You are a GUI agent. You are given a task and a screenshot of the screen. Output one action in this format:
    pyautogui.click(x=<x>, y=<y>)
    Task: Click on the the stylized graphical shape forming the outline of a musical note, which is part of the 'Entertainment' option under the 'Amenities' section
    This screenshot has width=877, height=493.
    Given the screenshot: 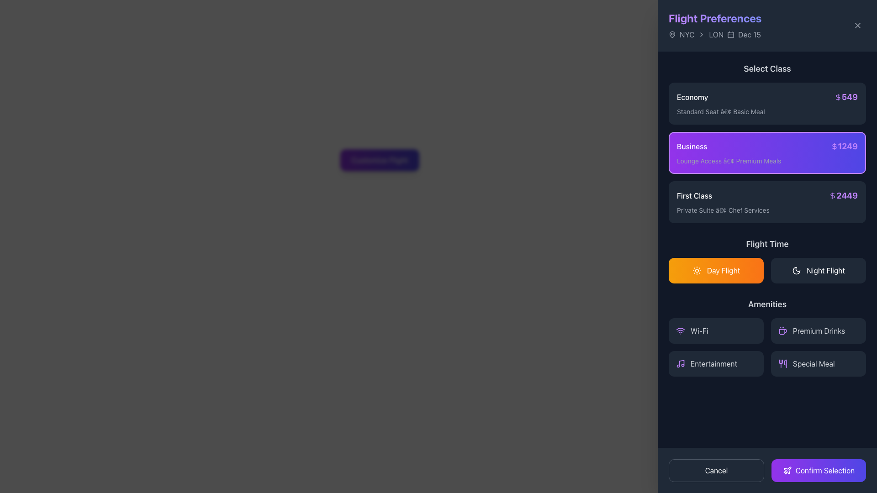 What is the action you would take?
    pyautogui.click(x=682, y=362)
    